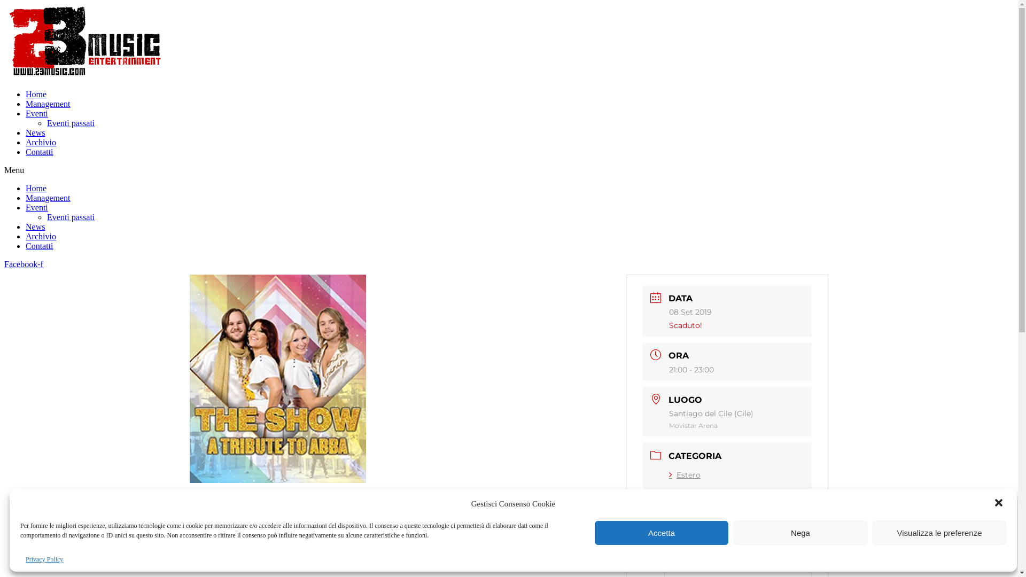 The image size is (1026, 577). What do you see at coordinates (4, 264) in the screenshot?
I see `'Facebook-f'` at bounding box center [4, 264].